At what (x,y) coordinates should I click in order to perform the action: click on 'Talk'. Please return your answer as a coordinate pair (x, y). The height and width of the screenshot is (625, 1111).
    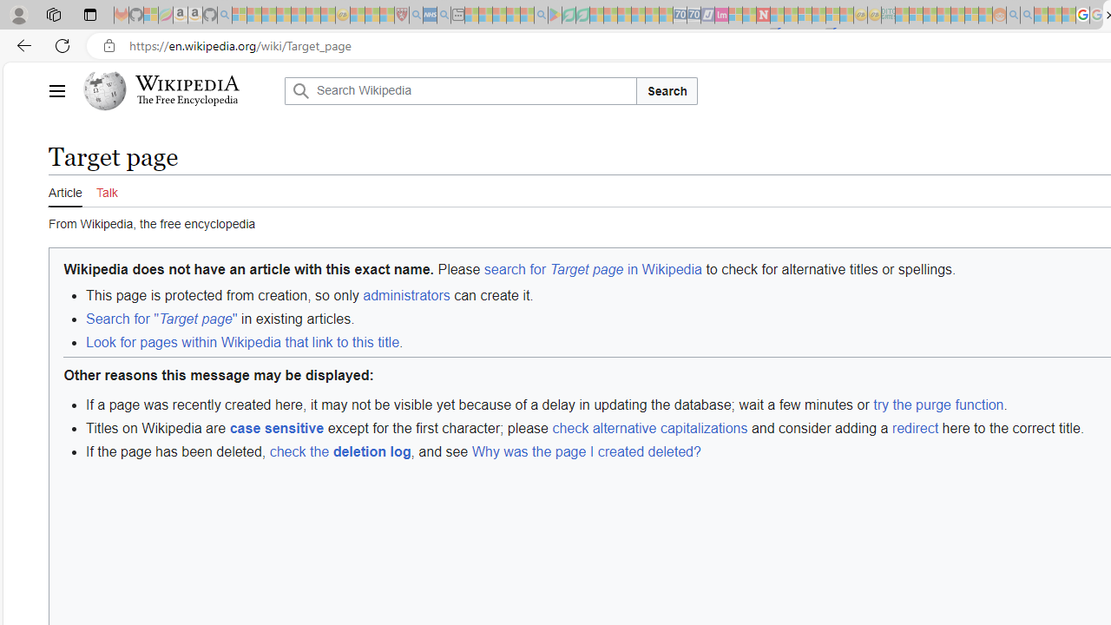
    Looking at the image, I should click on (105, 190).